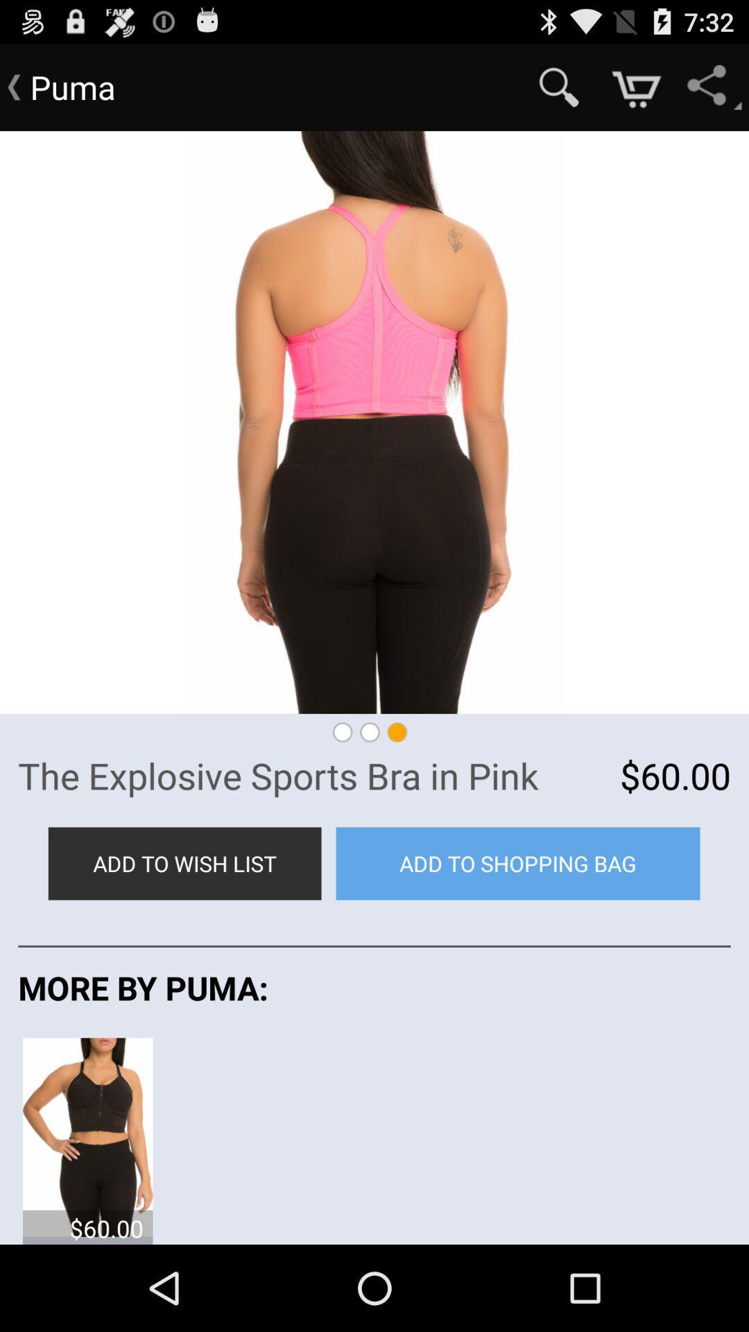 The image size is (749, 1332). What do you see at coordinates (87, 1136) in the screenshot?
I see `other option` at bounding box center [87, 1136].